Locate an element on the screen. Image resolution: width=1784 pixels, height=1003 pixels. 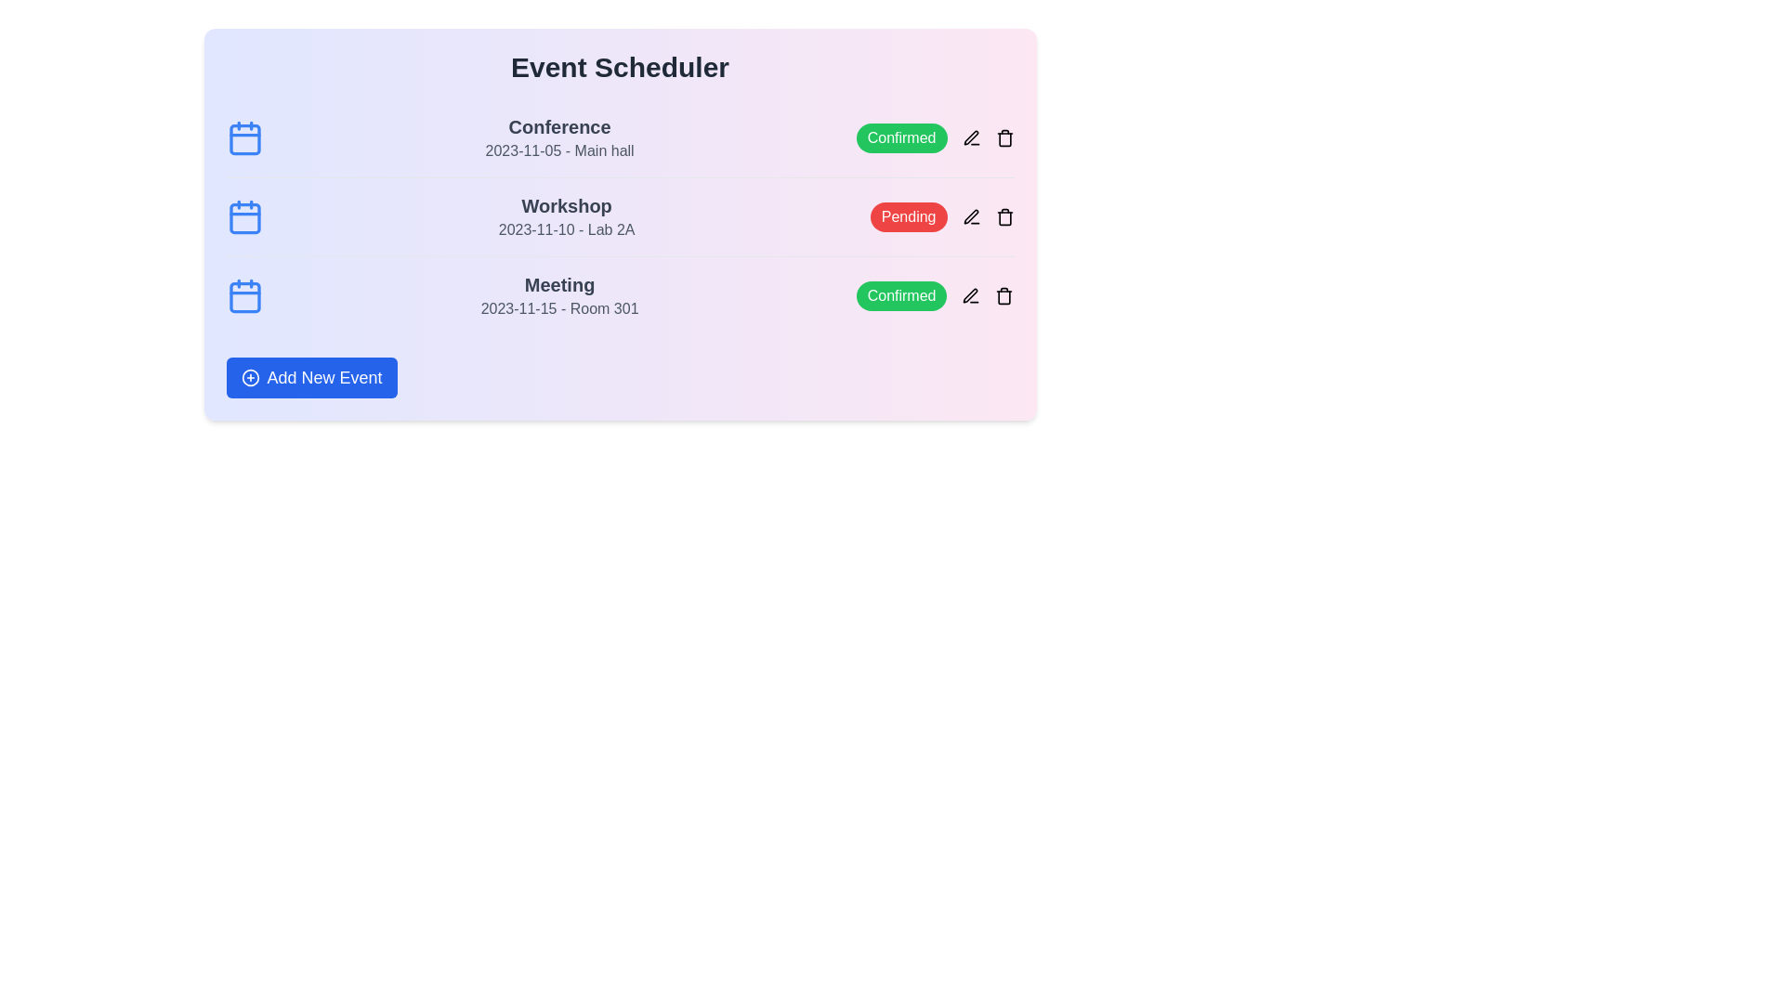
the black pen icon next to the rounded red 'Pending' button to initiate editing is located at coordinates (970, 216).